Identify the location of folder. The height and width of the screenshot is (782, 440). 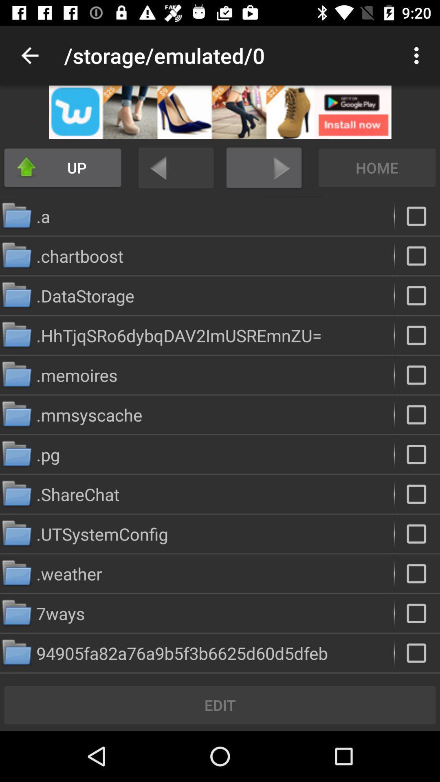
(417, 415).